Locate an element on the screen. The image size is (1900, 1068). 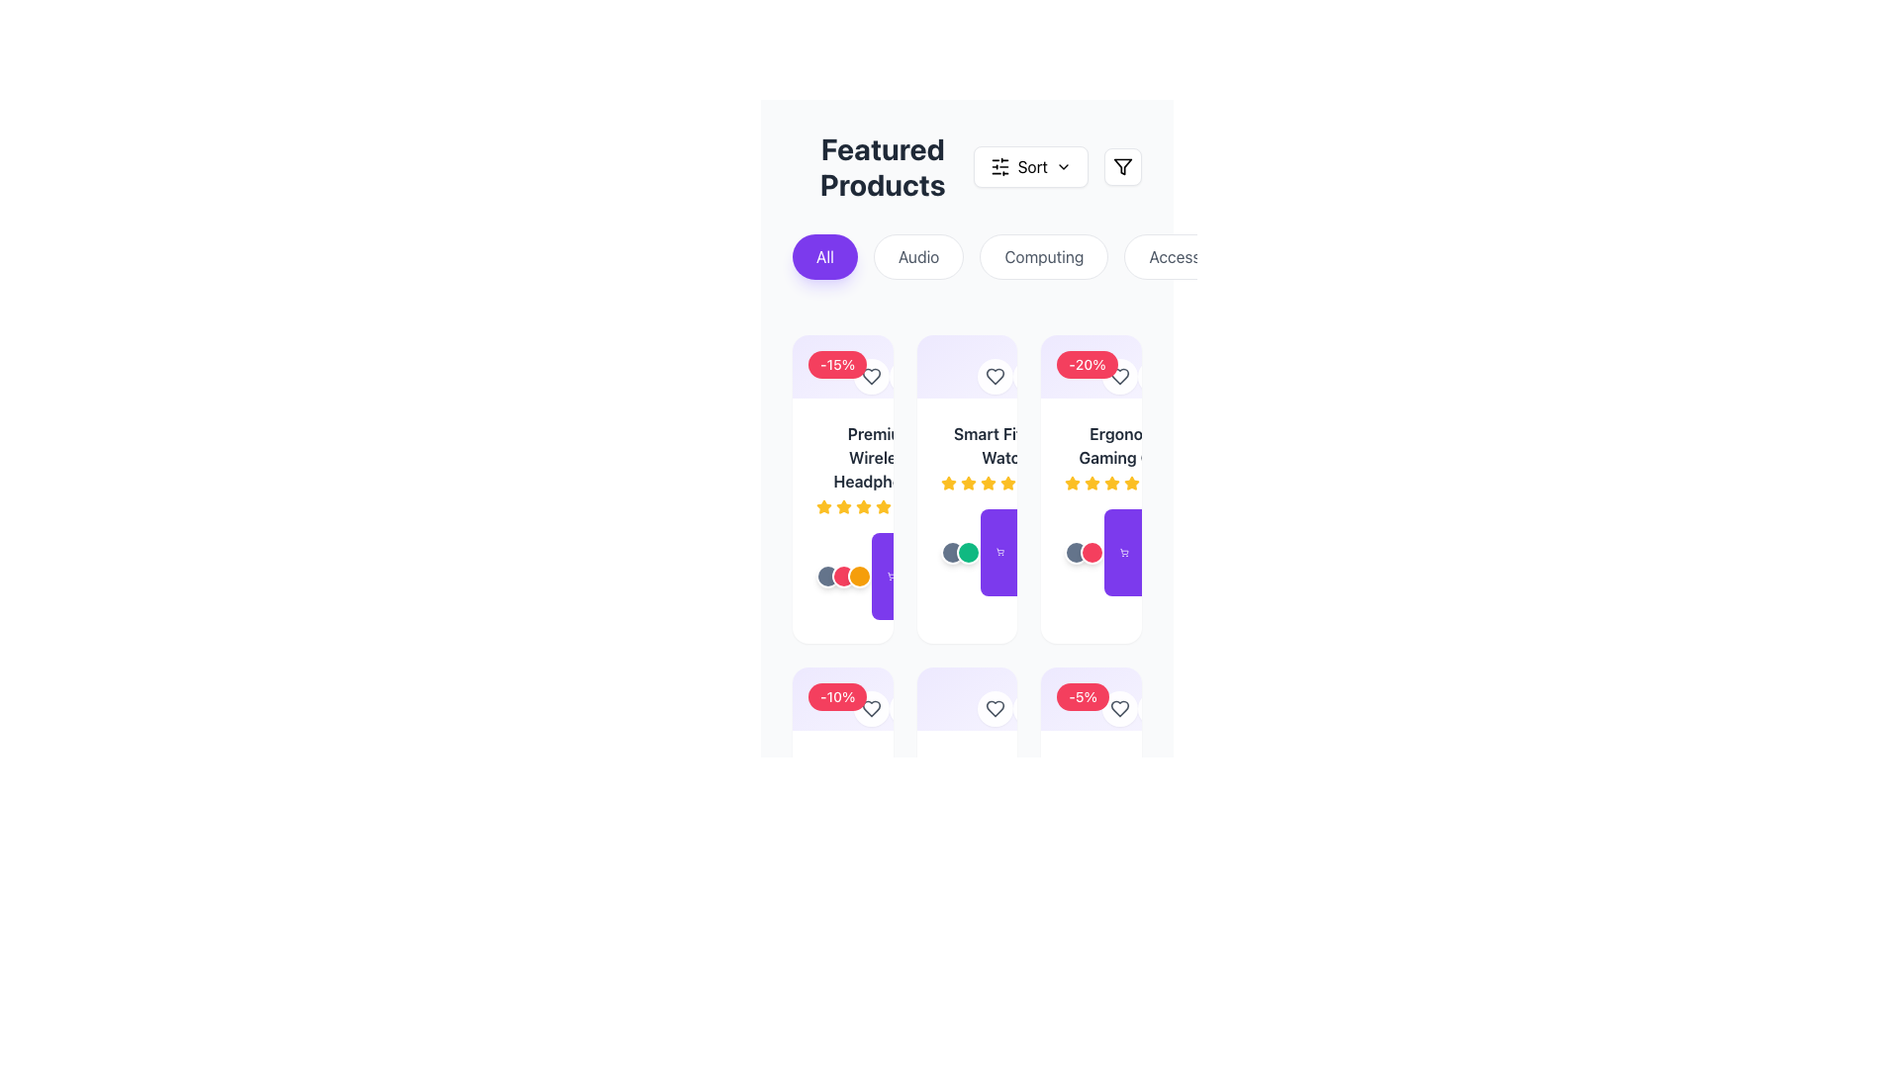
the interactive circular button that acts as a color selector for the amber color option is located at coordinates (859, 576).